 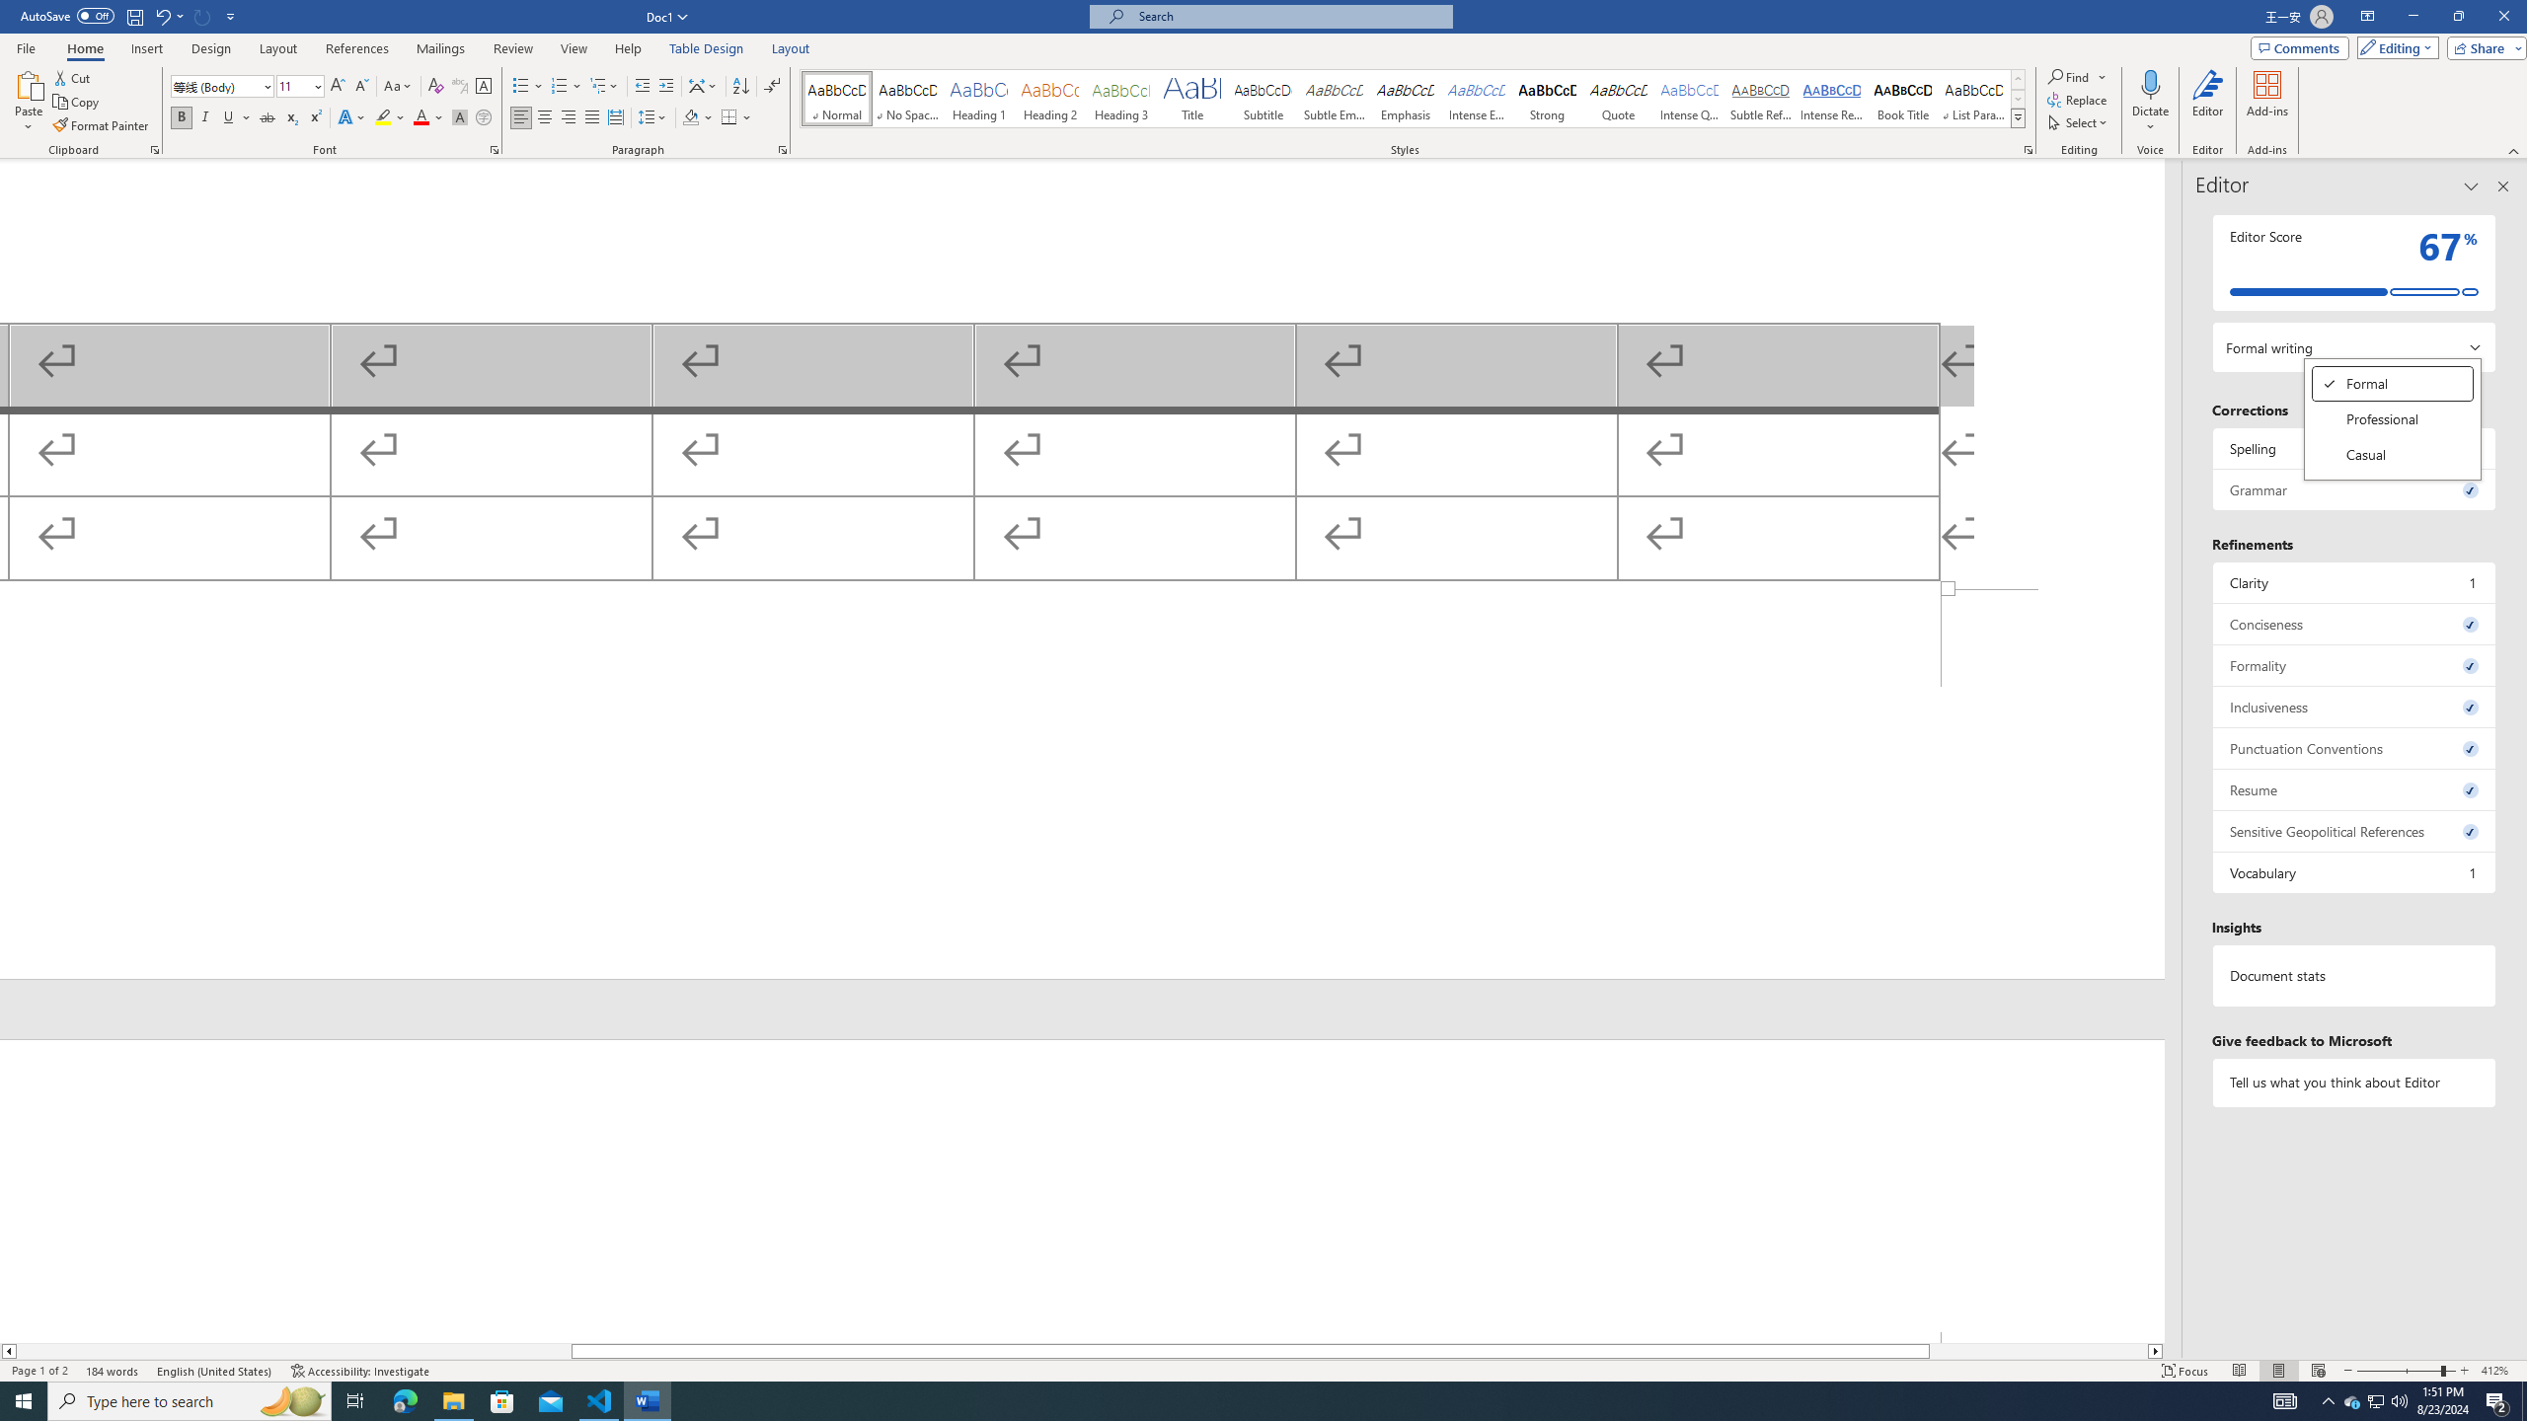 What do you see at coordinates (353, 1399) in the screenshot?
I see `'Task View'` at bounding box center [353, 1399].